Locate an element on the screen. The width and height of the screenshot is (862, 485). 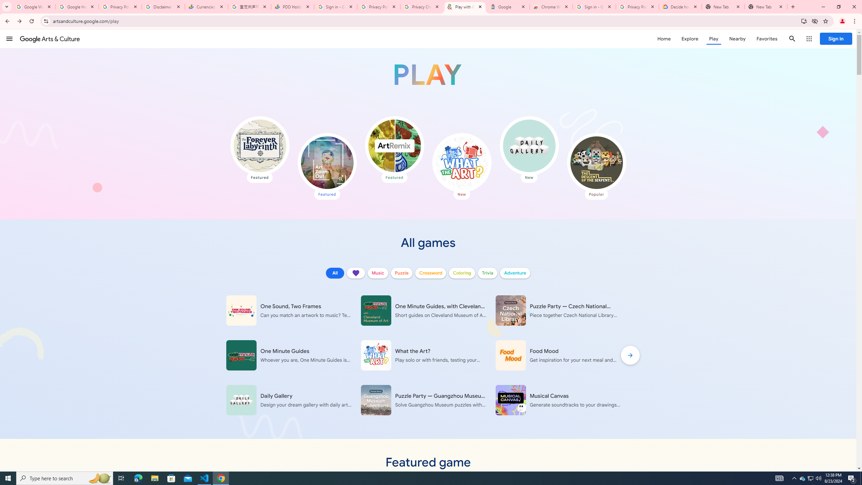
'Privacy Checkup' is located at coordinates (422, 6).